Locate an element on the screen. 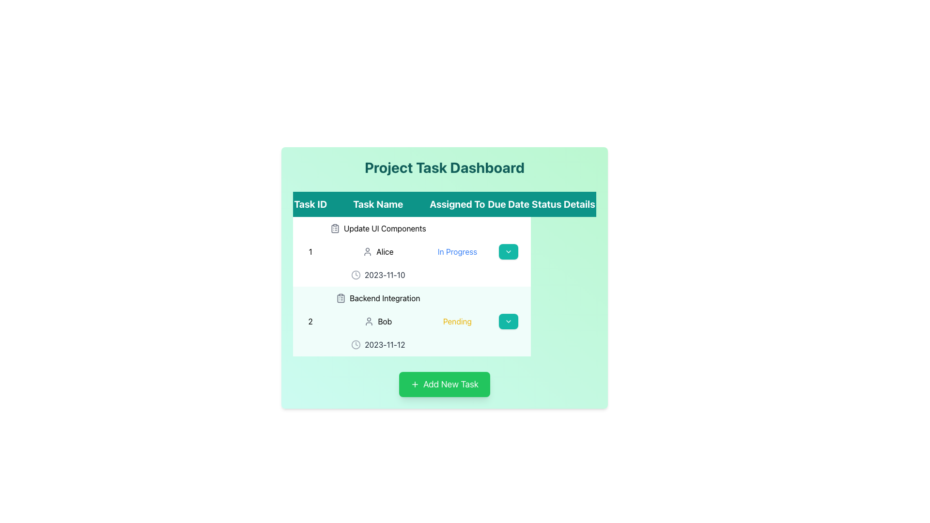 Image resolution: width=930 pixels, height=523 pixels. the teal button containing the downward-pointing chevron icon in the 'Details' column of the first row of the task table for the task 'Update UI Components' is located at coordinates (508, 251).